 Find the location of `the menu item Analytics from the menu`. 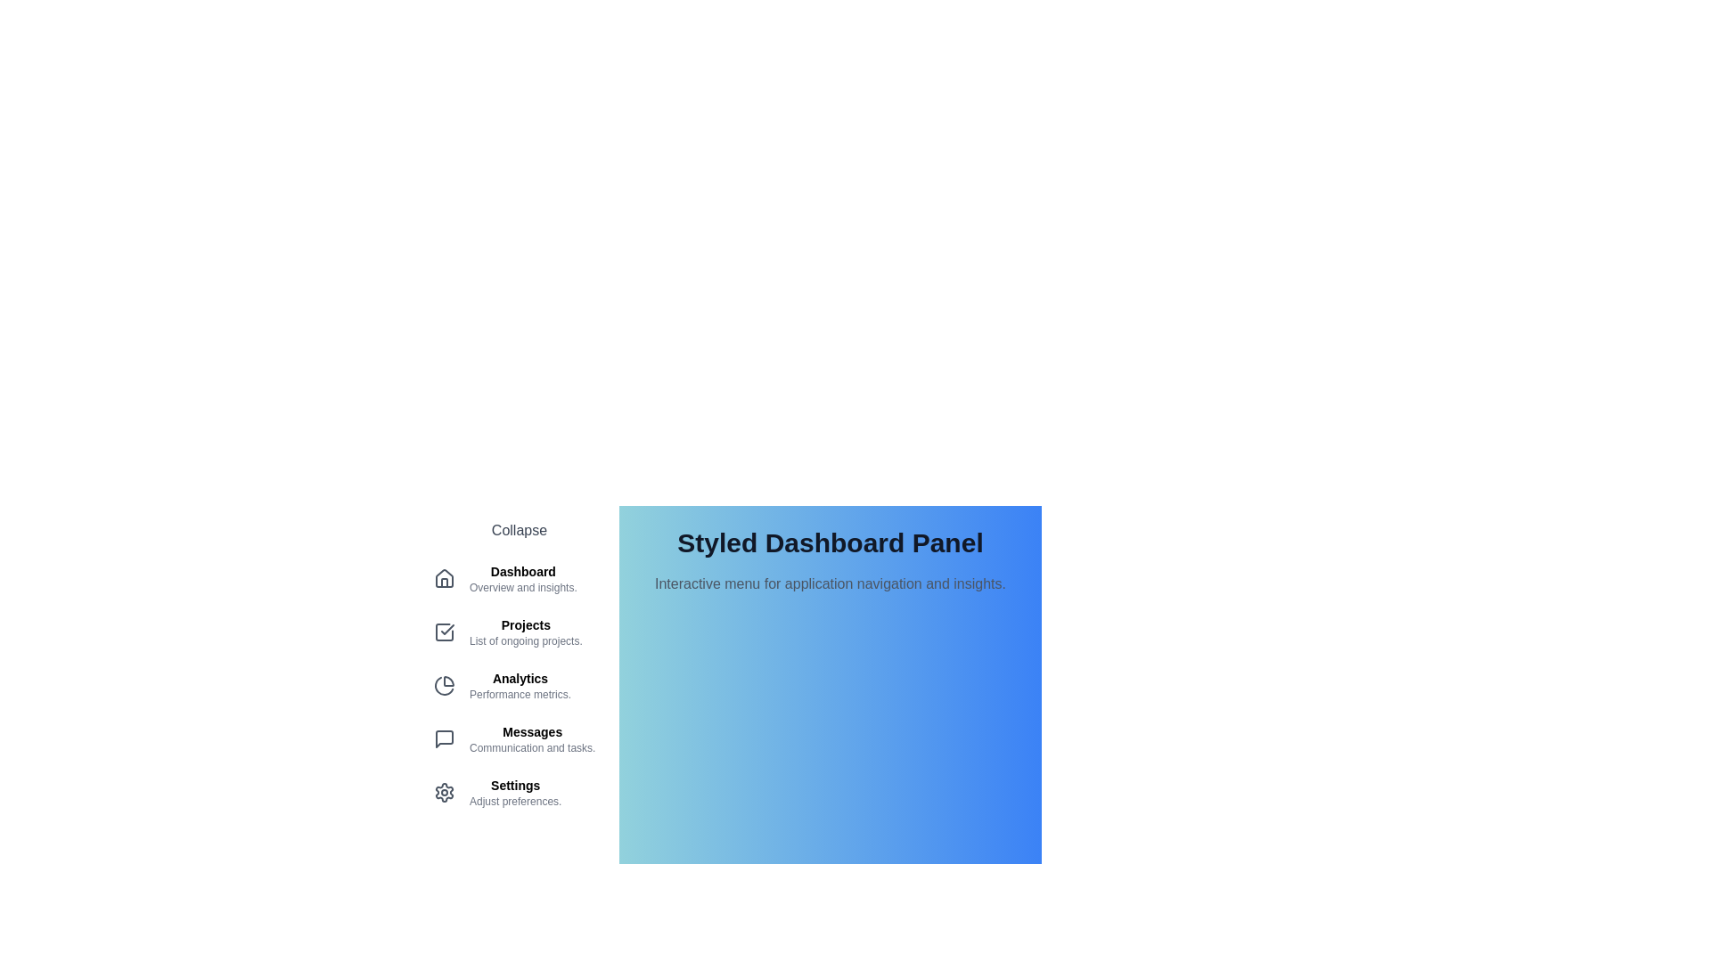

the menu item Analytics from the menu is located at coordinates (518, 685).